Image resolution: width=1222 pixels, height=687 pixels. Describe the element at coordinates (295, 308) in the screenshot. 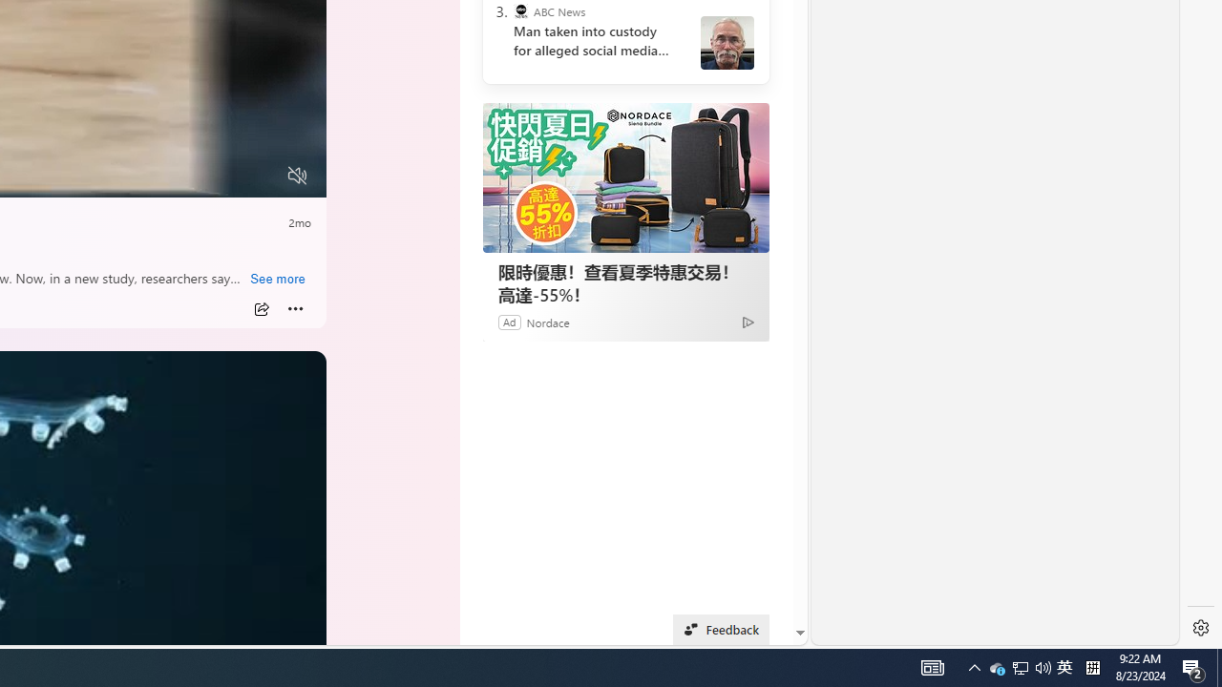

I see `'More'` at that location.